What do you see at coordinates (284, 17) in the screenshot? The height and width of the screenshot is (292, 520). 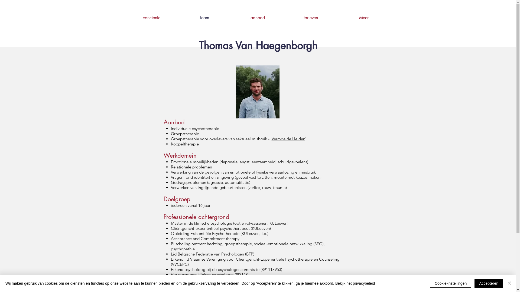 I see `'tarieven'` at bounding box center [284, 17].